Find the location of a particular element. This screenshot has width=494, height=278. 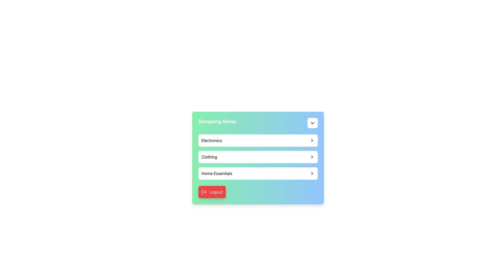

the static text label displaying 'Clothing' is located at coordinates (209, 157).